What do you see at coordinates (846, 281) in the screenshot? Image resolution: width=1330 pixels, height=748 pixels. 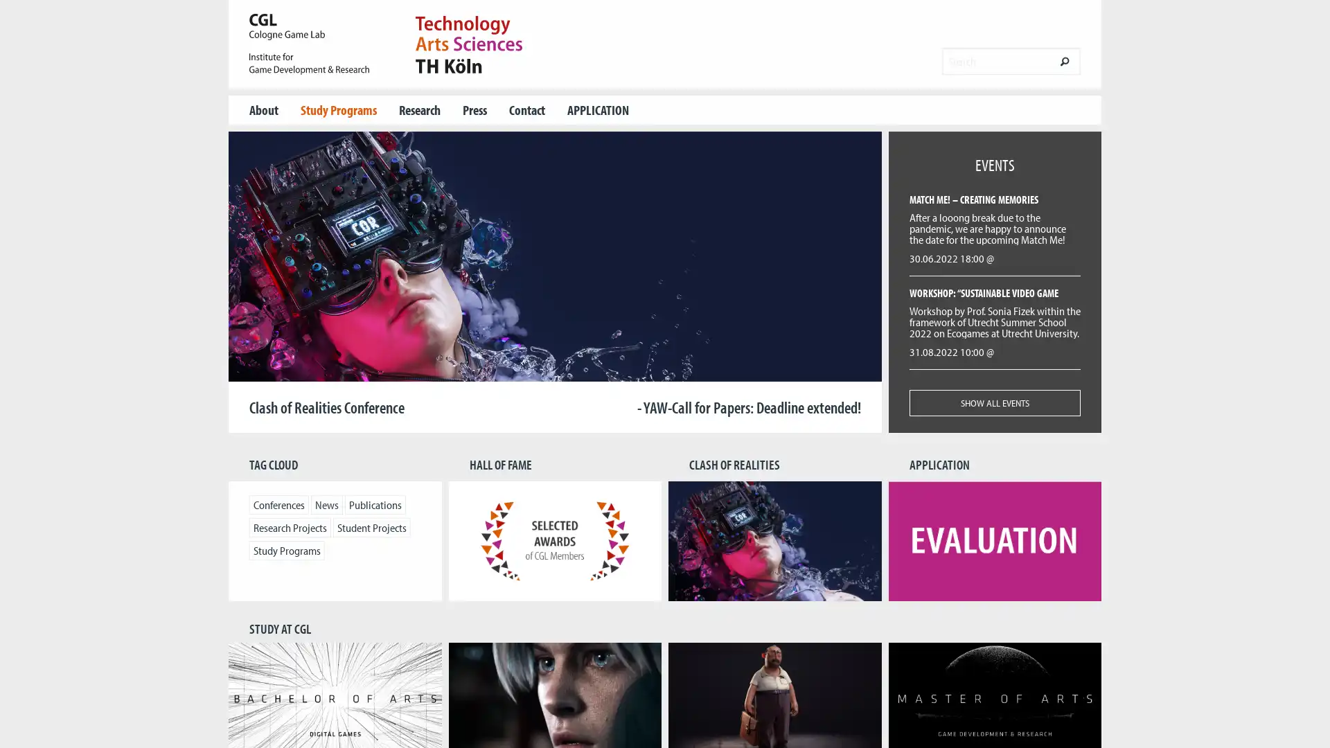 I see `next arrow` at bounding box center [846, 281].